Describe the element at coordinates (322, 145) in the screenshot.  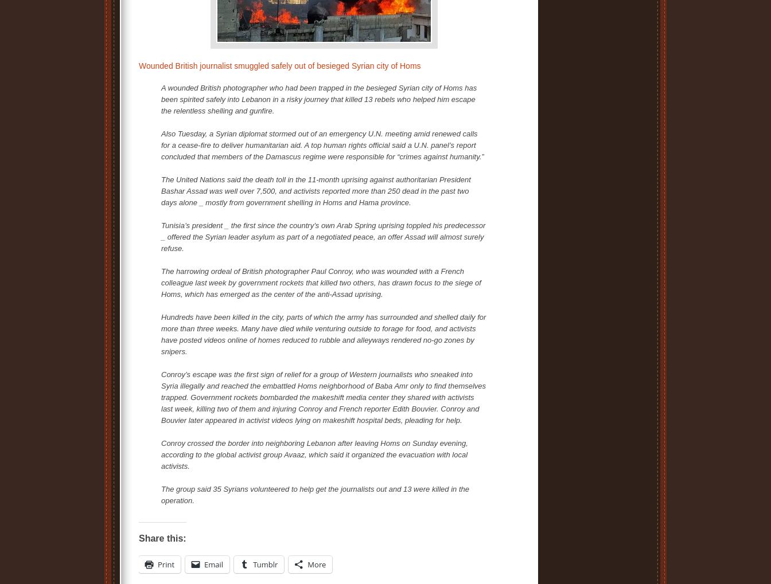
I see `'Also Tuesday, a Syrian diplomat stormed out of an emergency U.N. meeting amid renewed calls for a cease-fire to deliver humanitarian aid. A top human rights official said a U.N. panel’s report concluded that members of the Damascus regime were responsible for “crimes against humanity.”'` at that location.